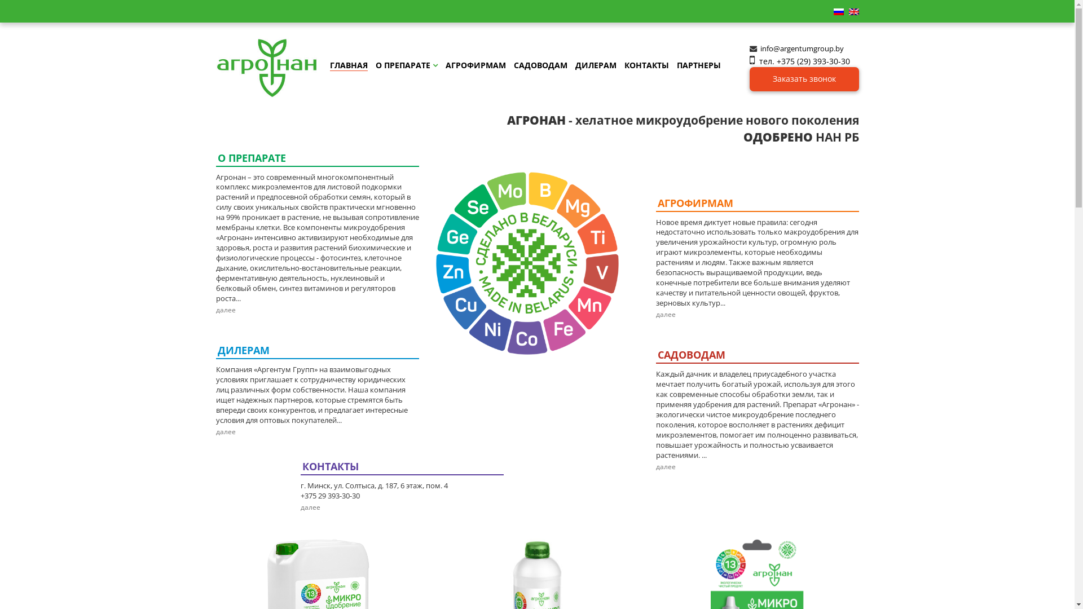 The width and height of the screenshot is (1083, 609). I want to click on 'English (en)', so click(848, 11).